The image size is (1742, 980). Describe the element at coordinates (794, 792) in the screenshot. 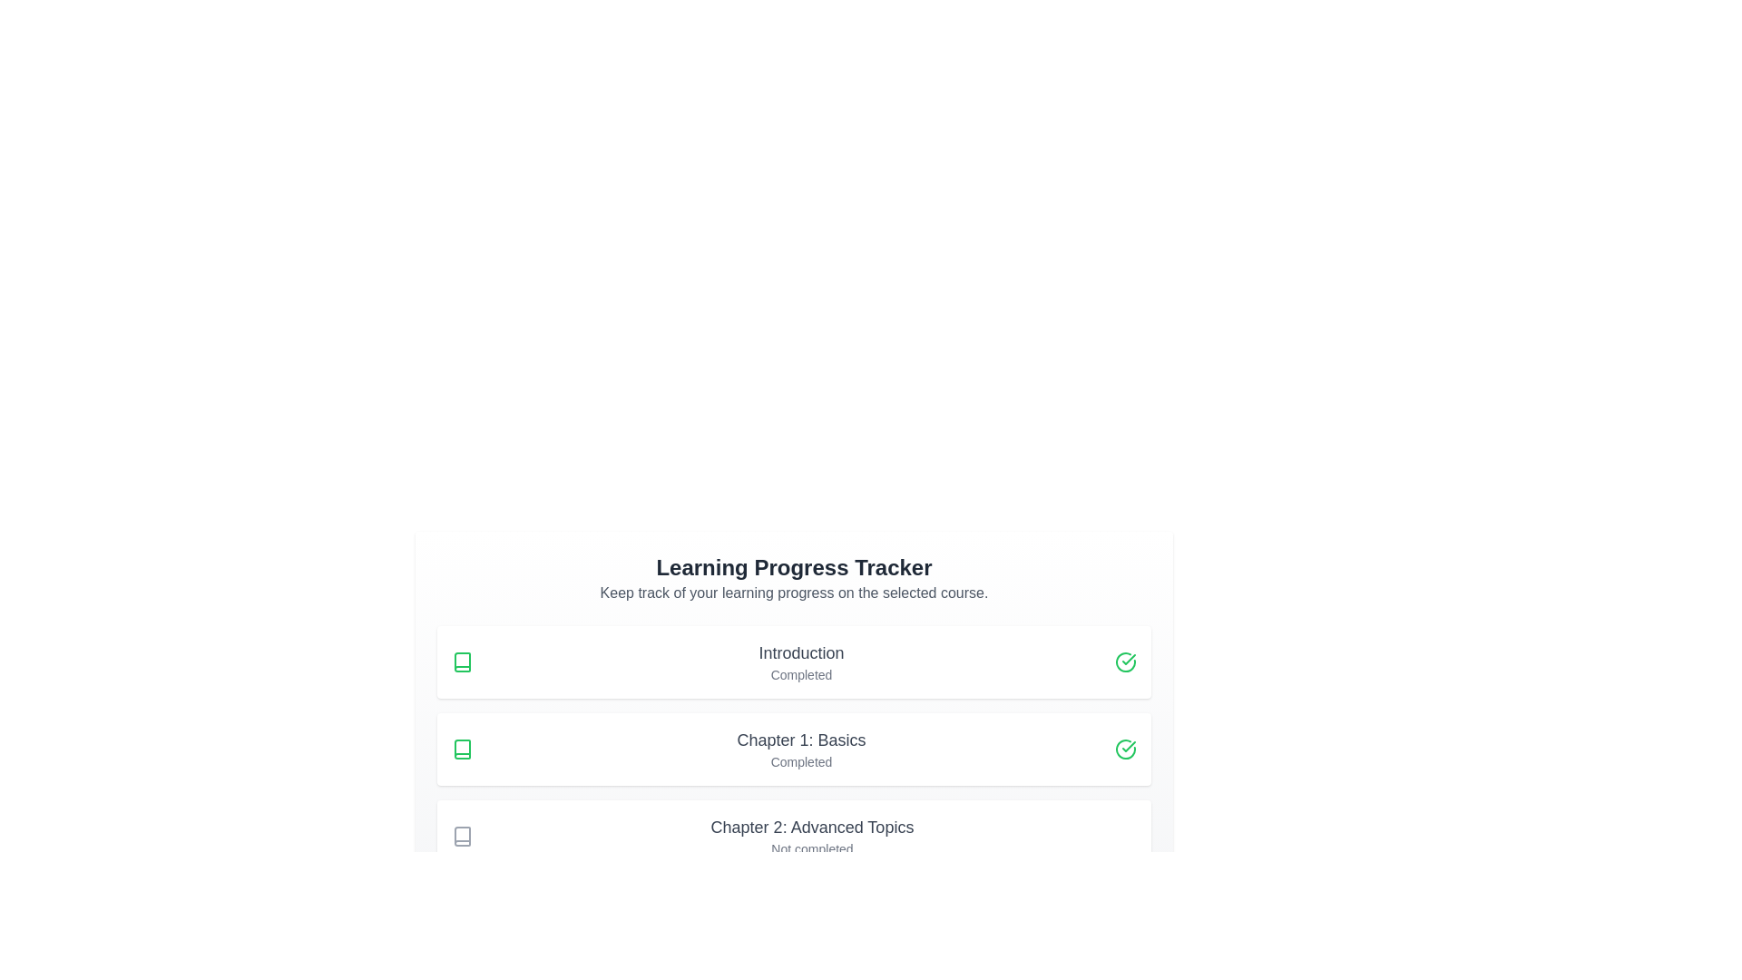

I see `the second list item representing progress status, which is titled 'Chapter 1: Basics'` at that location.